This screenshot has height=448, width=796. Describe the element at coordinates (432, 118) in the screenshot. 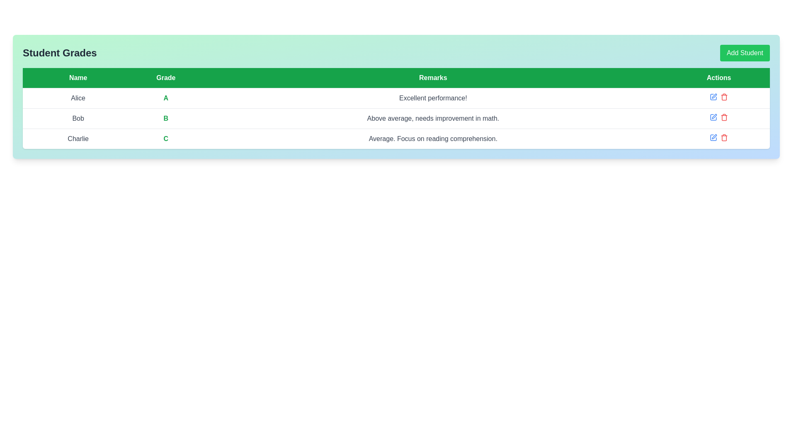

I see `text content from the text field located in the 'Remarks' column of the table for 'Bob', which currently displays 'Above average, needs improvement in math.'` at that location.